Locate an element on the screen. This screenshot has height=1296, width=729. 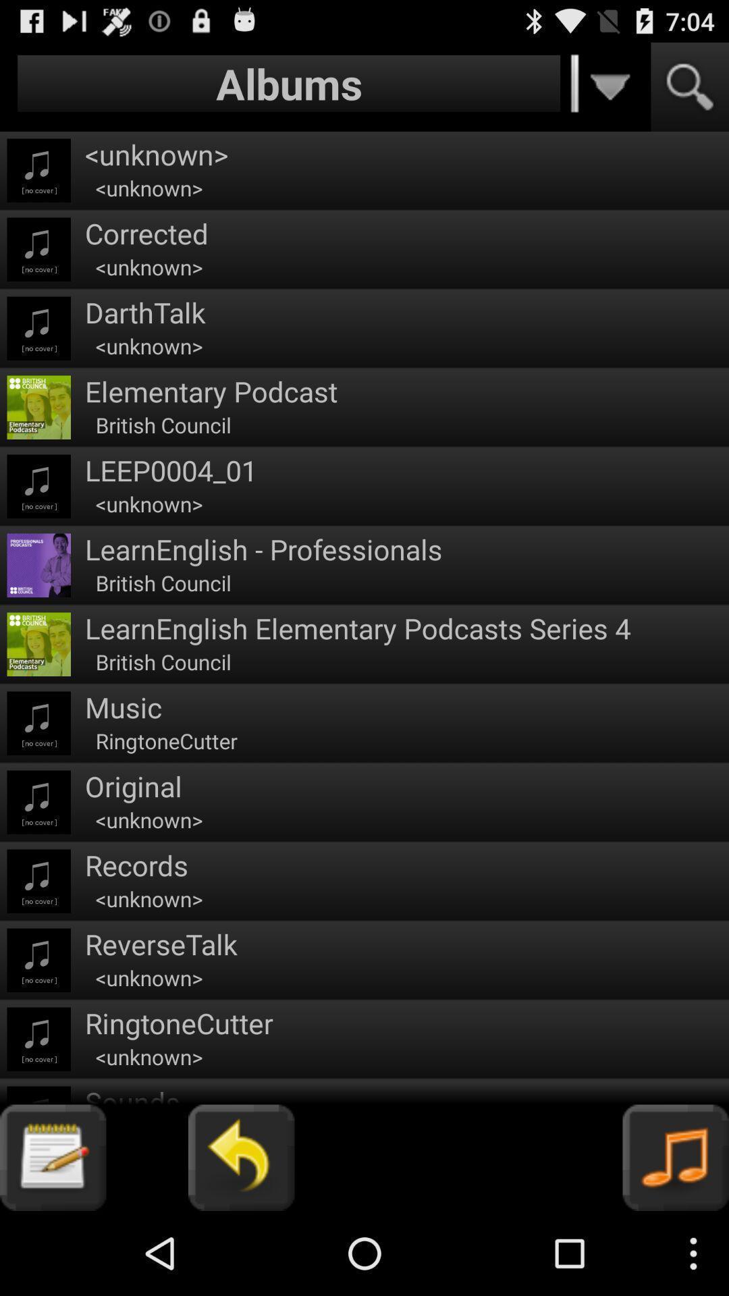
the search icon is located at coordinates (690, 92).